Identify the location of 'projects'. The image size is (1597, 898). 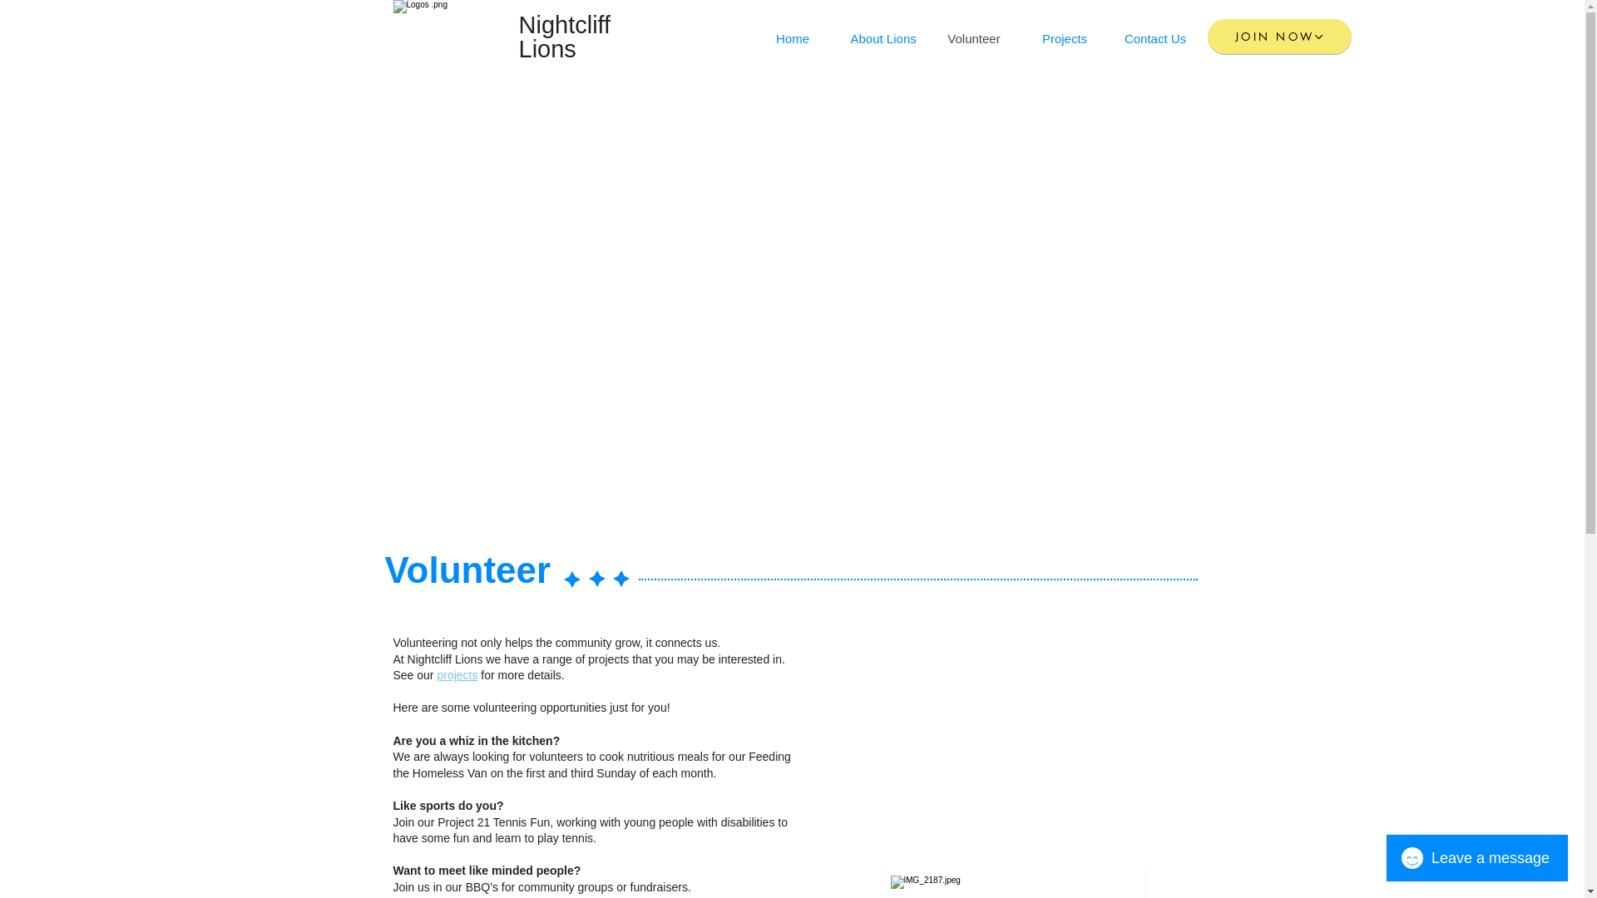
(457, 675).